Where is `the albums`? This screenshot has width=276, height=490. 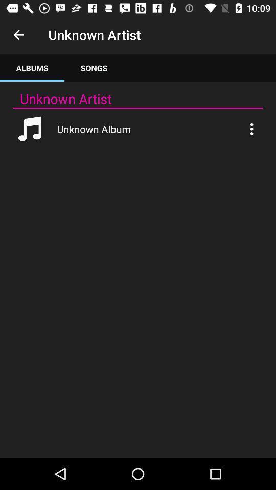 the albums is located at coordinates (32, 67).